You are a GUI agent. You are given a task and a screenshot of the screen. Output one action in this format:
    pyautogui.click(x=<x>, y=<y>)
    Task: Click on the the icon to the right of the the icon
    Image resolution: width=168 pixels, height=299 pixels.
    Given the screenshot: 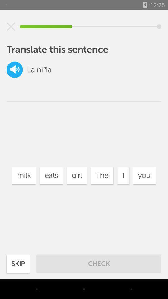 What is the action you would take?
    pyautogui.click(x=123, y=176)
    